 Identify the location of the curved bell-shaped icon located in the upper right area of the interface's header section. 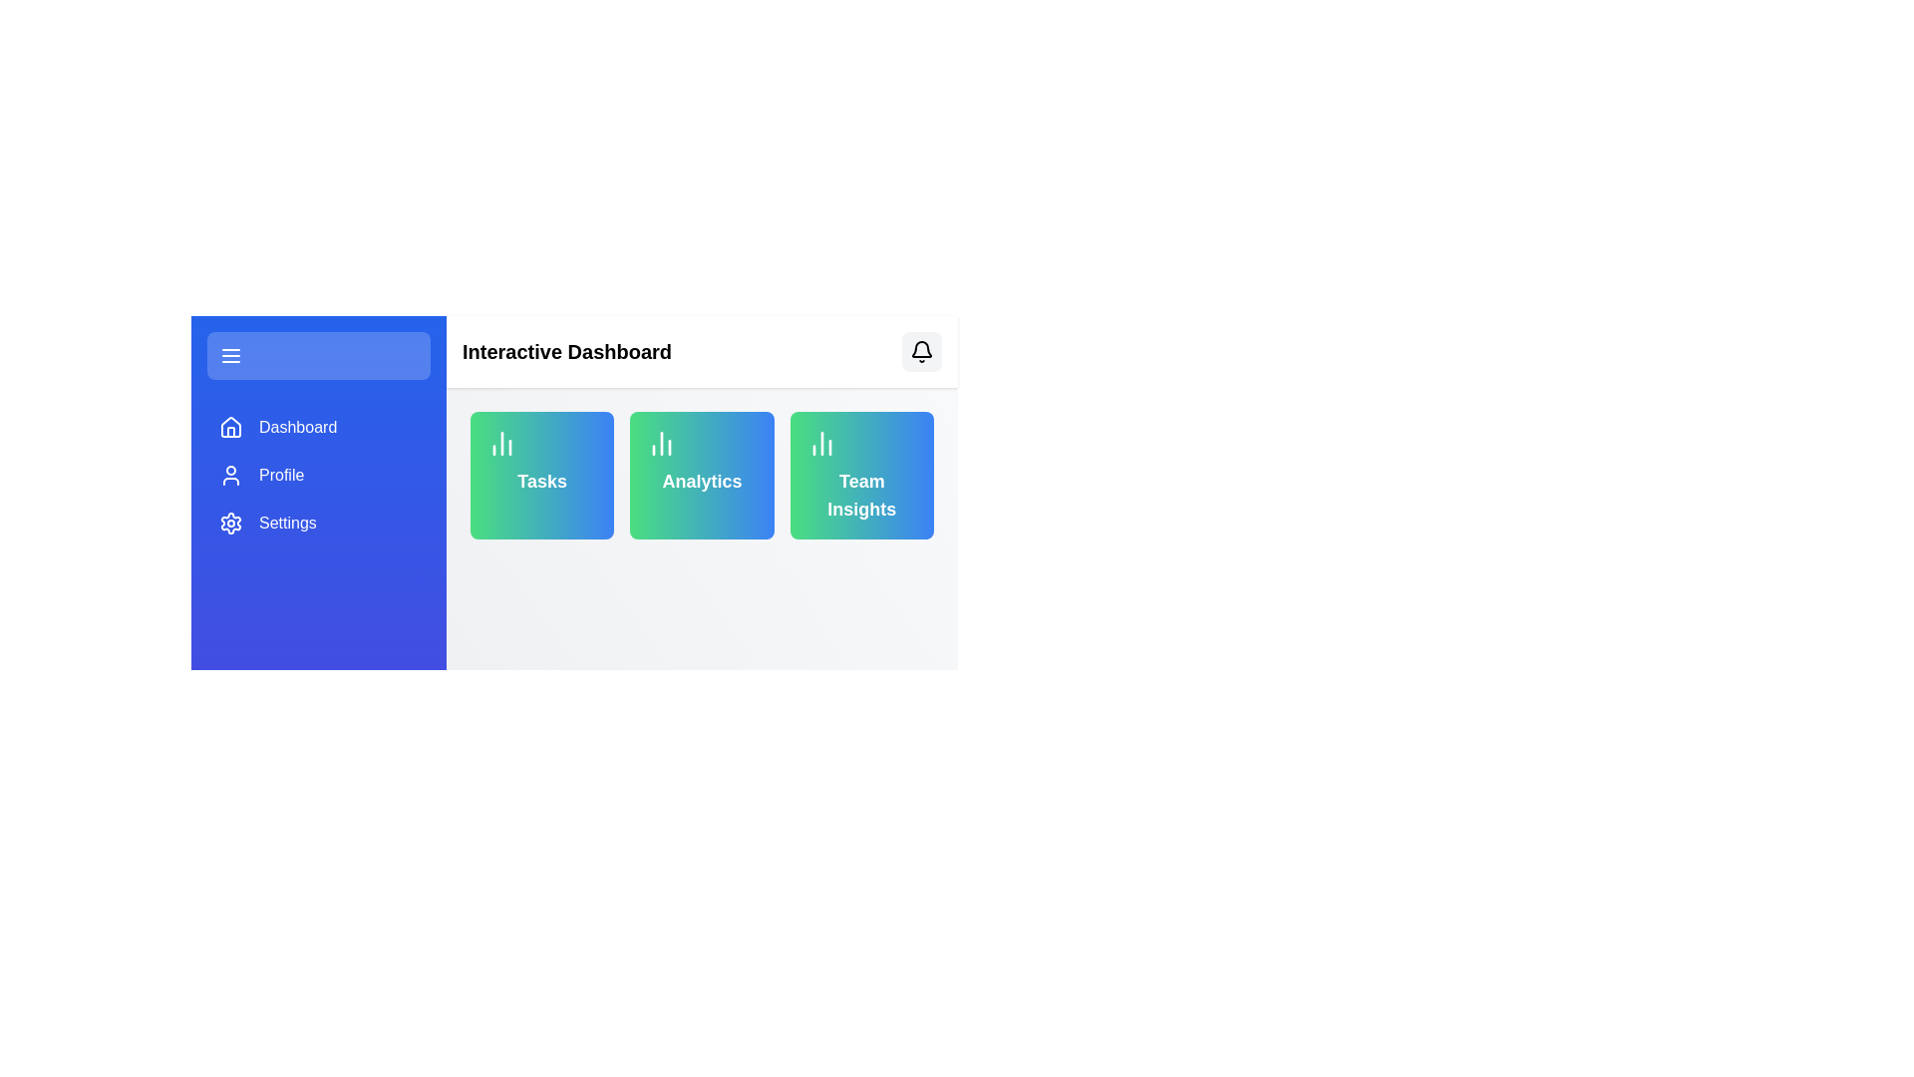
(921, 348).